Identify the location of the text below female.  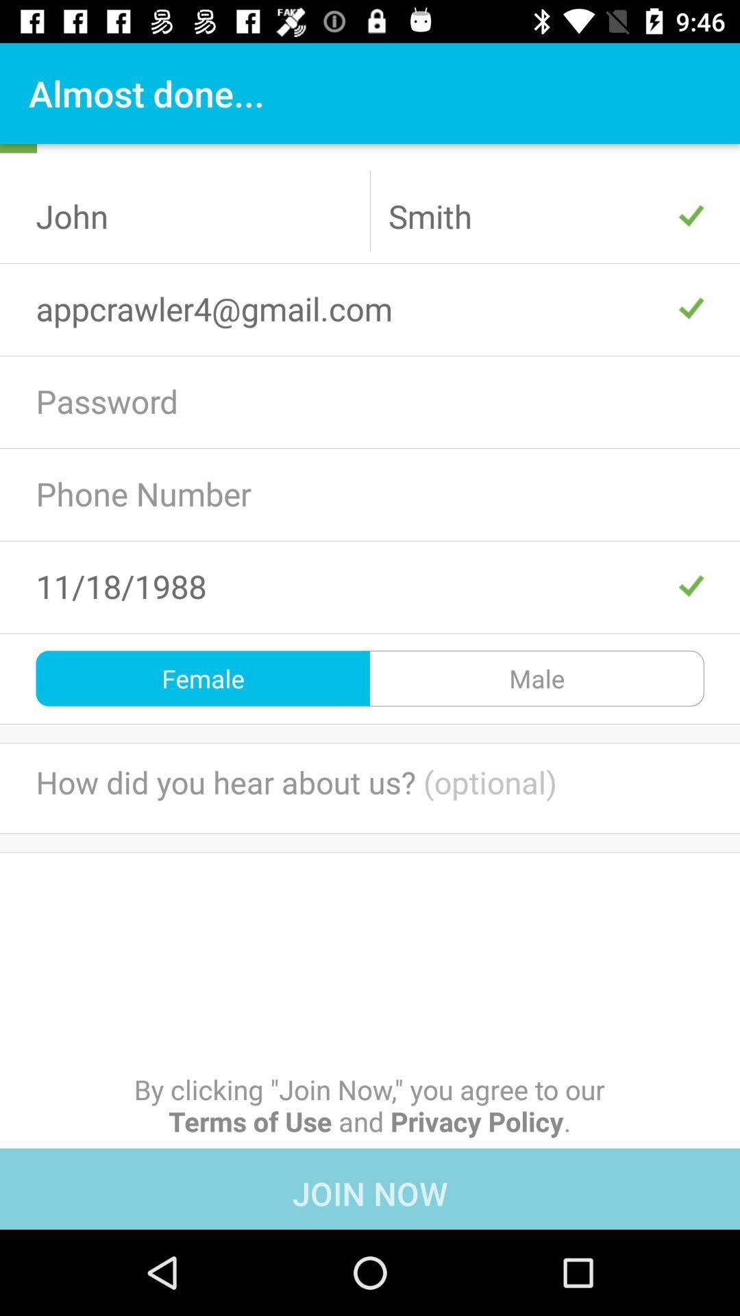
(370, 788).